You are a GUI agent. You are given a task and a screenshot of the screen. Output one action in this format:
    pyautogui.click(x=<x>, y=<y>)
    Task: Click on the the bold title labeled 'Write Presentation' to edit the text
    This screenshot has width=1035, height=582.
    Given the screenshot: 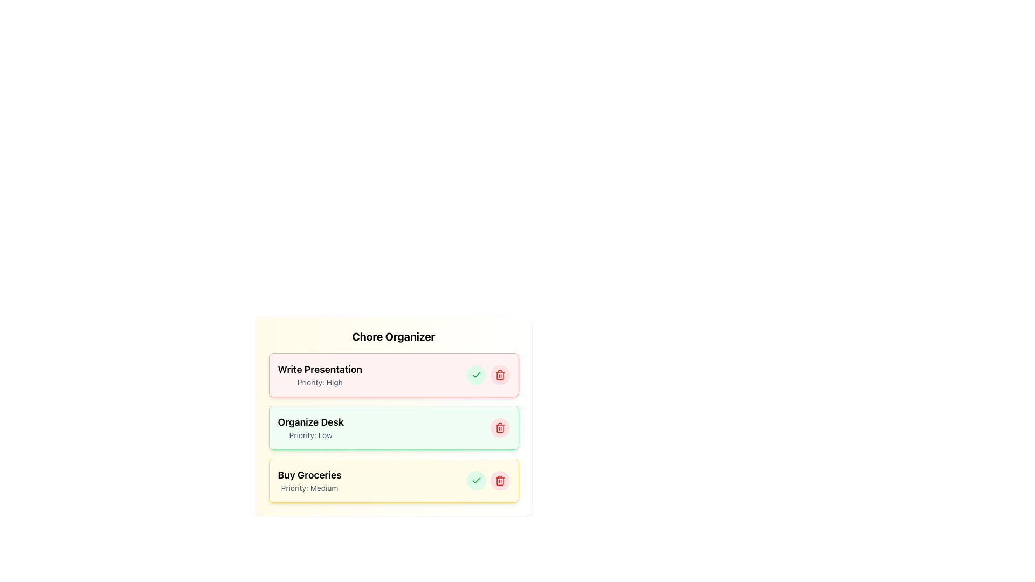 What is the action you would take?
    pyautogui.click(x=319, y=374)
    